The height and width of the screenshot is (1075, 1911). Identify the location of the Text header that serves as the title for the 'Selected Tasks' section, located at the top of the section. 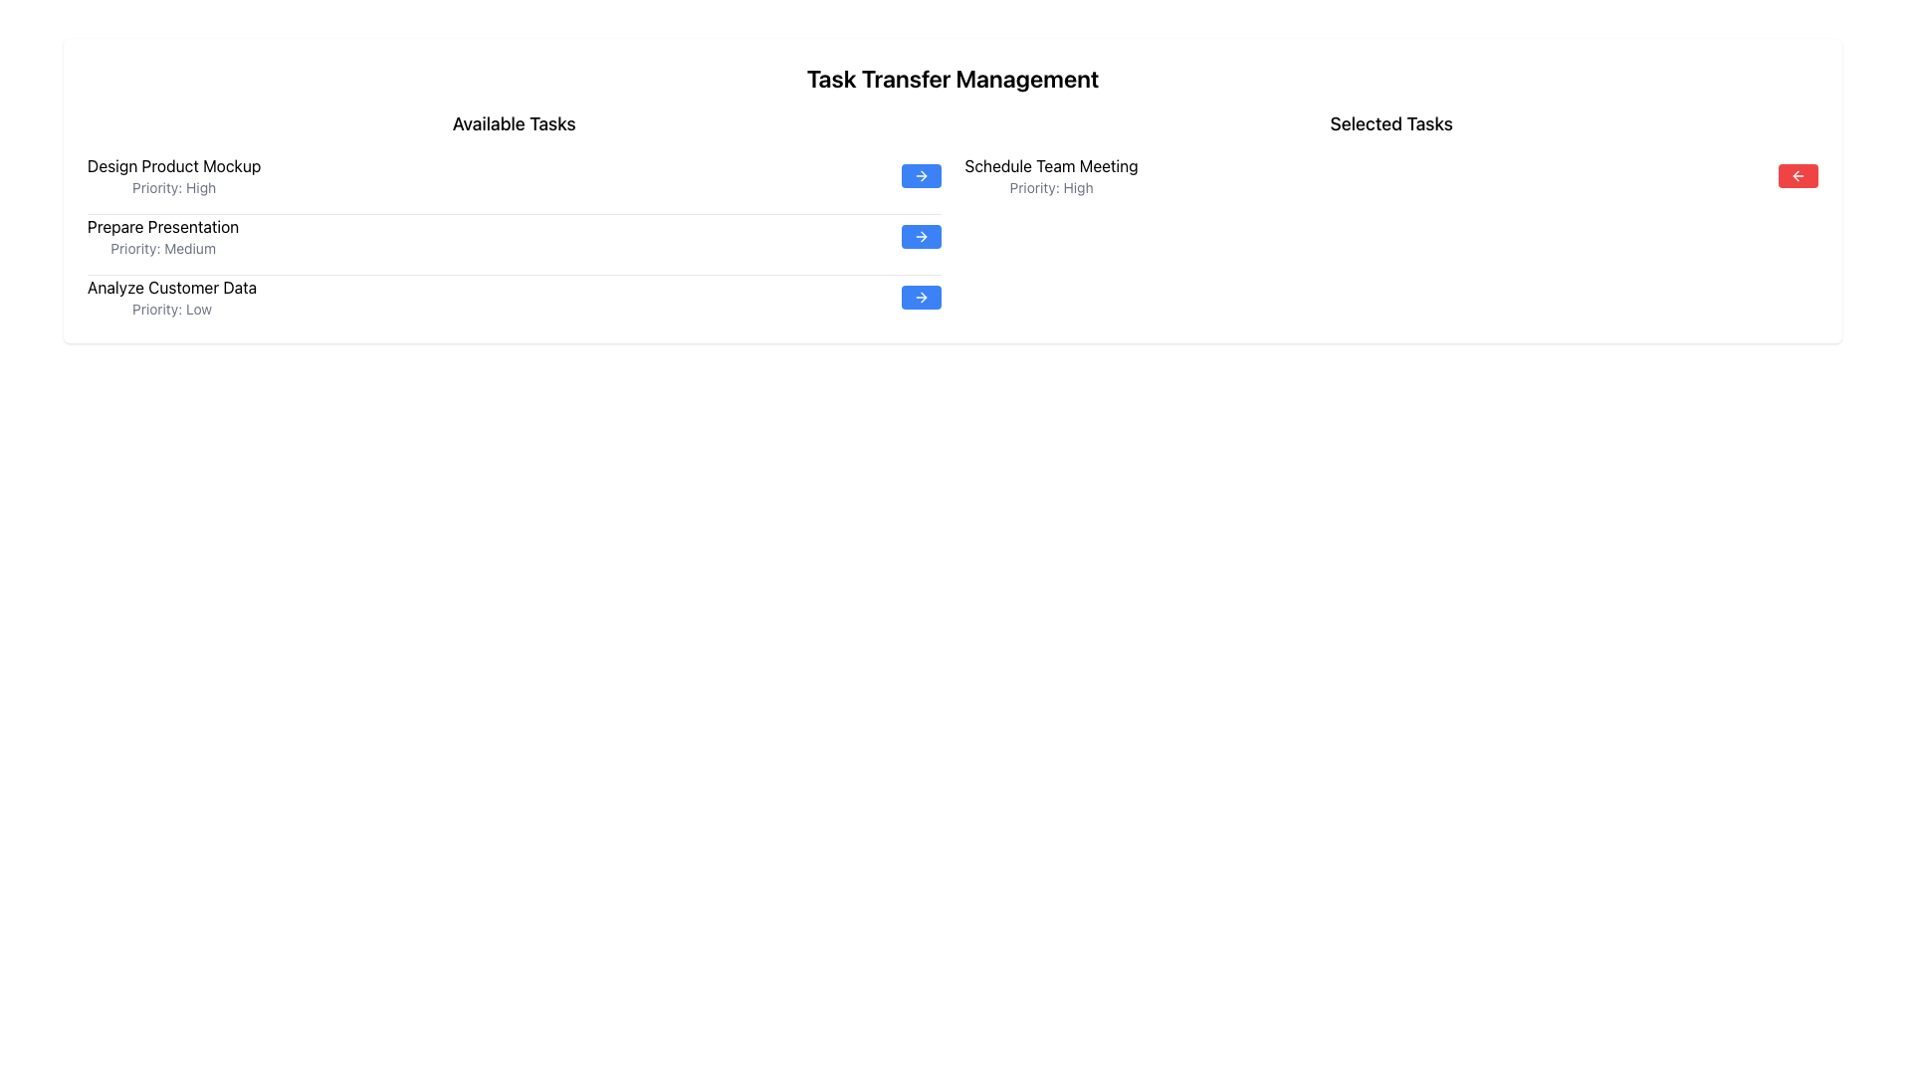
(1390, 123).